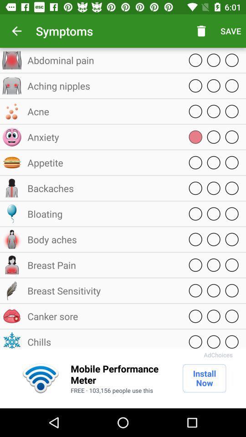 The width and height of the screenshot is (246, 437). Describe the element at coordinates (102, 111) in the screenshot. I see `icon above anxiety item` at that location.